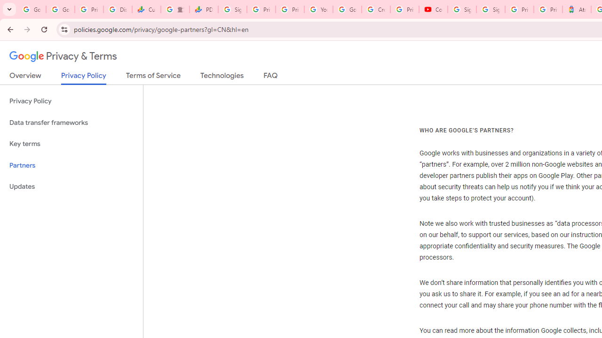  Describe the element at coordinates (32, 9) in the screenshot. I see `'Google Workspace Admin Community'` at that location.